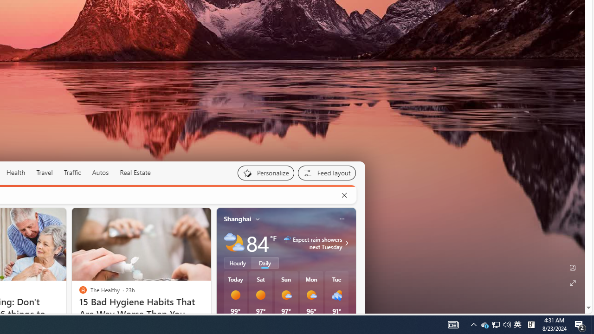 The width and height of the screenshot is (594, 334). What do you see at coordinates (238, 218) in the screenshot?
I see `'Shanghai'` at bounding box center [238, 218].